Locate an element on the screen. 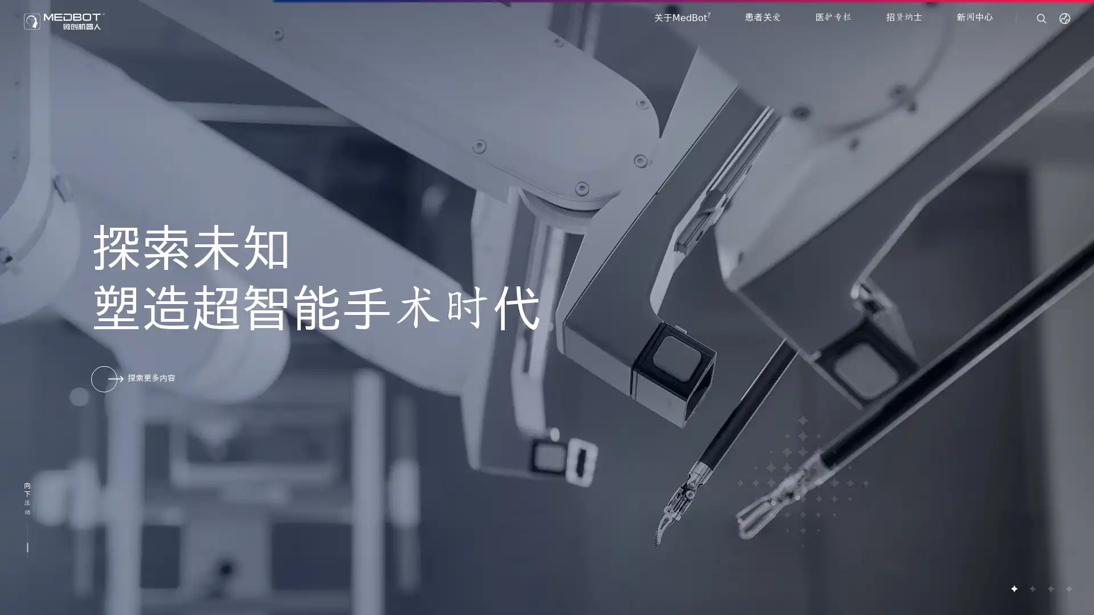 This screenshot has width=1094, height=615. Go to slide 4 is located at coordinates (1068, 588).